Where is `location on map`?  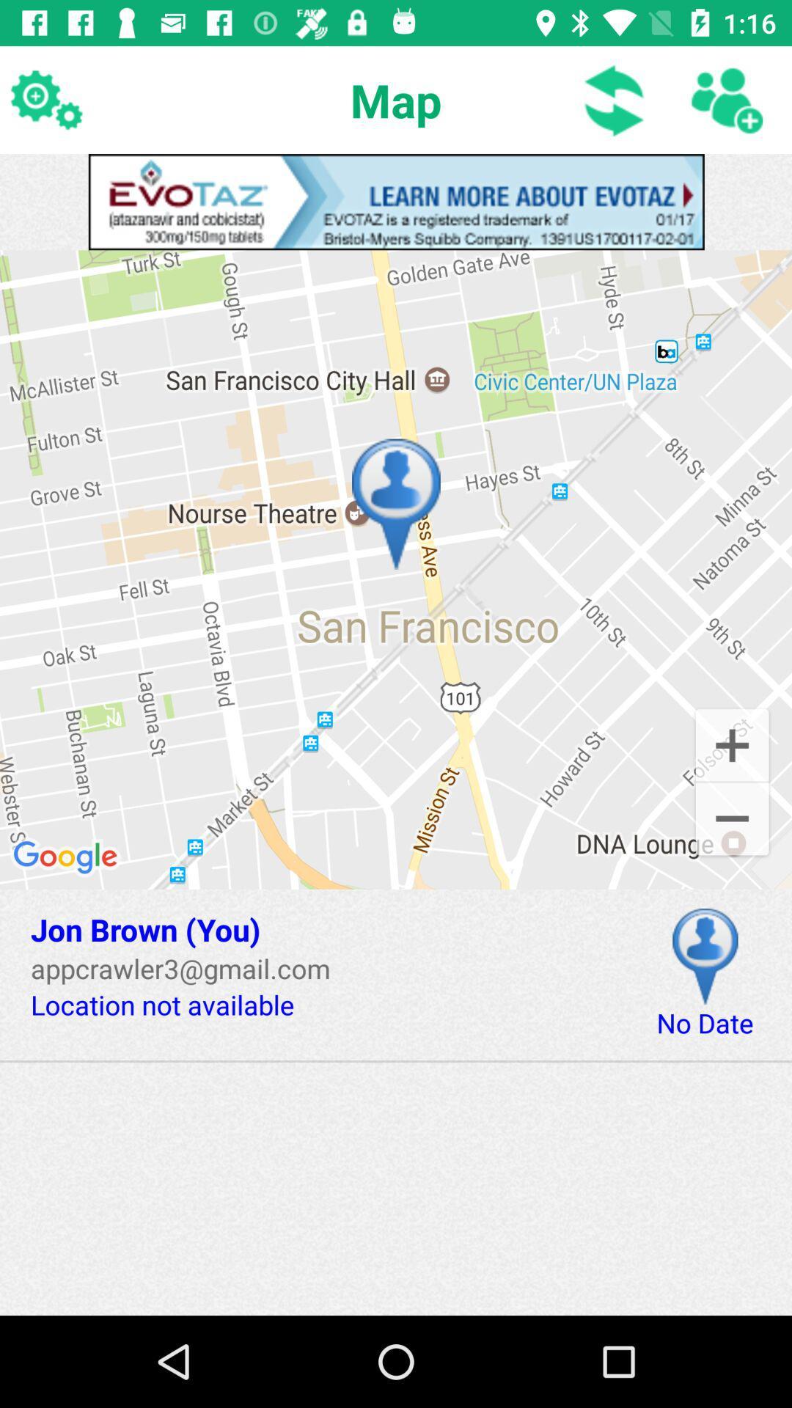 location on map is located at coordinates (704, 956).